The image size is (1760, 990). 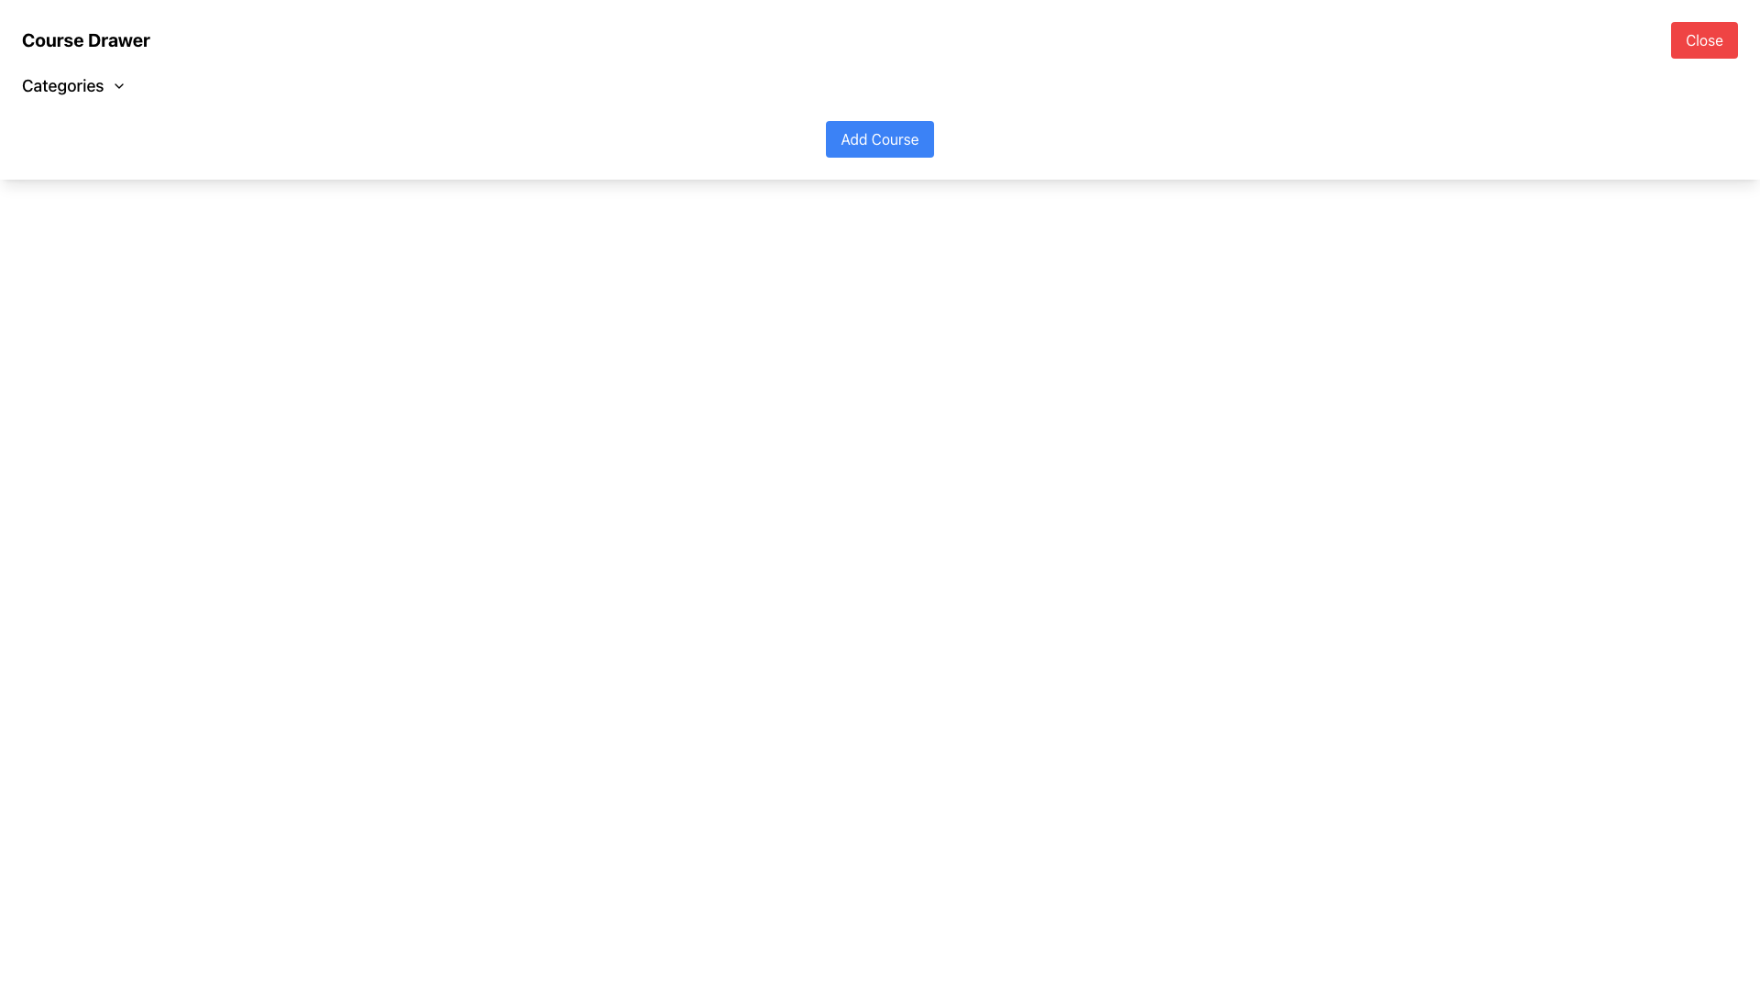 What do you see at coordinates (117, 85) in the screenshot?
I see `the downward-pointing chevron icon adjacent to the 'Categories' title` at bounding box center [117, 85].